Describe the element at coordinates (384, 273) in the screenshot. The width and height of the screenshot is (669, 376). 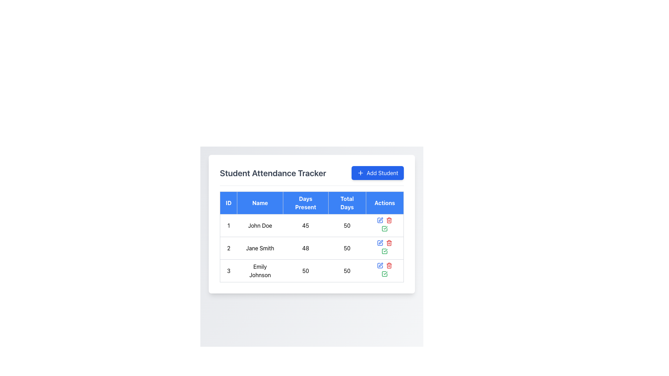
I see `the approval button located in the 'Actions' column of the third row of the table` at that location.